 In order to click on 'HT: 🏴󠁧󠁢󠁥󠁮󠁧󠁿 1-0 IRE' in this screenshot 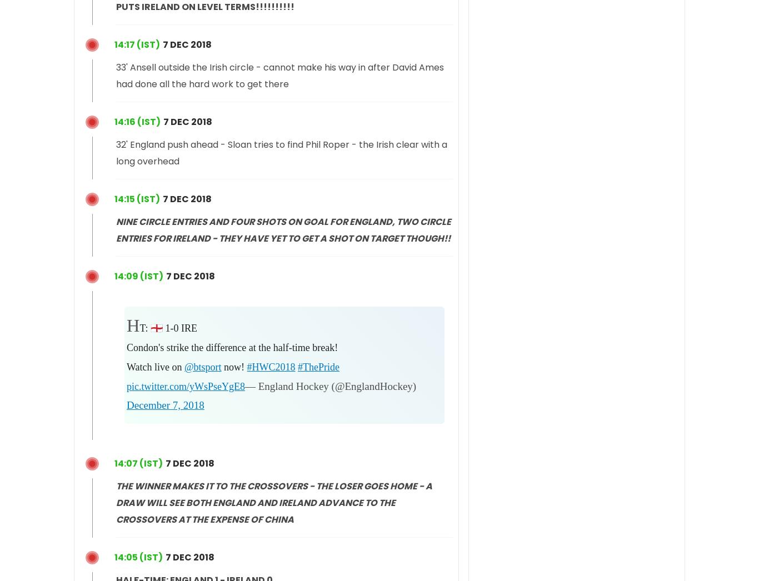, I will do `click(162, 325)`.